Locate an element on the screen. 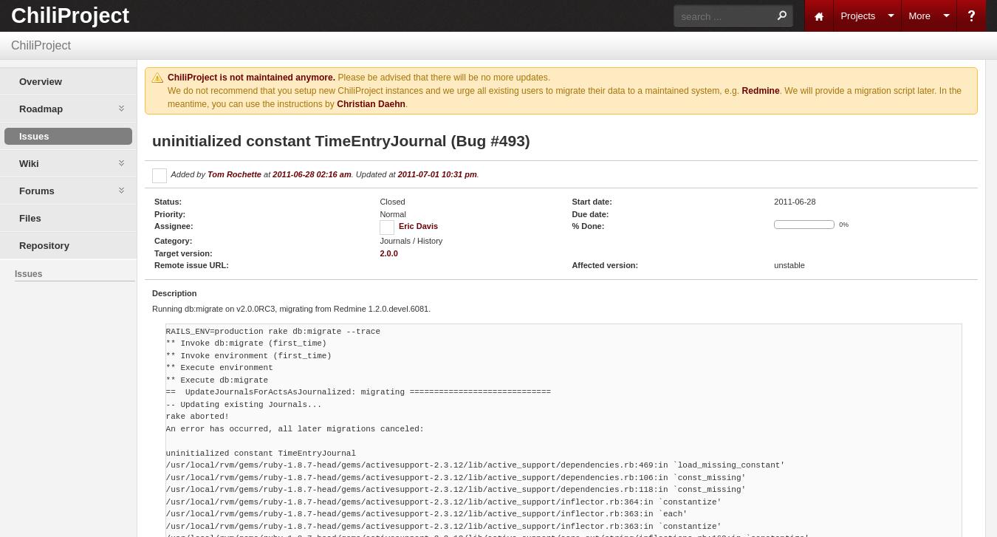  'We do not recommend that you setup new ChiliProject instances and
          we urge all existing users to migrate their data to a maintained
          system, e.g.' is located at coordinates (454, 91).